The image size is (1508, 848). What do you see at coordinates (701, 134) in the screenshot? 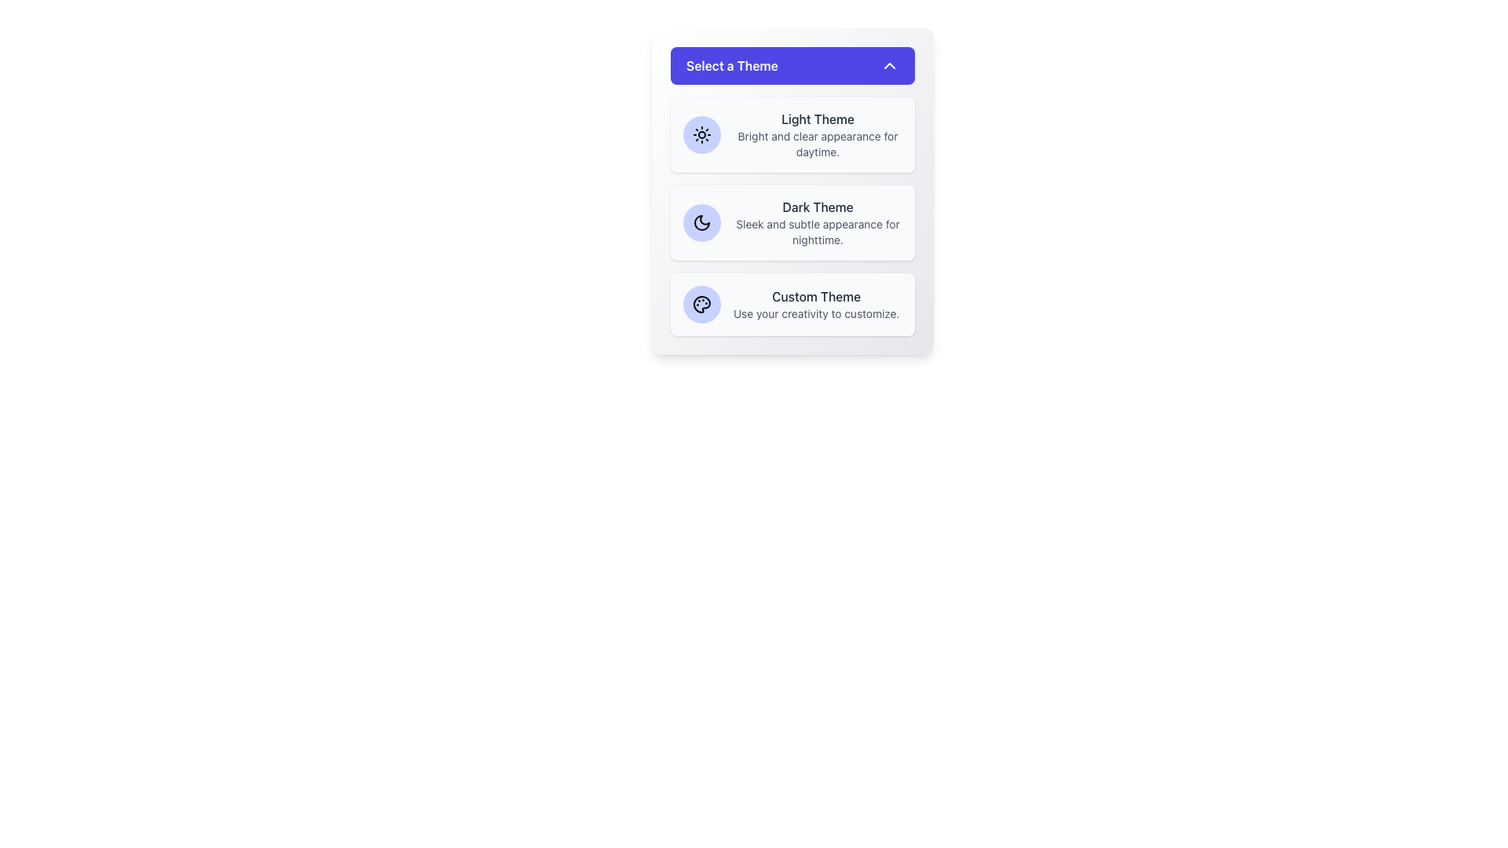
I see `the circular light indigo icon with a sun symbol in the topmost option labeled 'Light Theme' in the 'Select a Theme' card-style interface` at bounding box center [701, 134].